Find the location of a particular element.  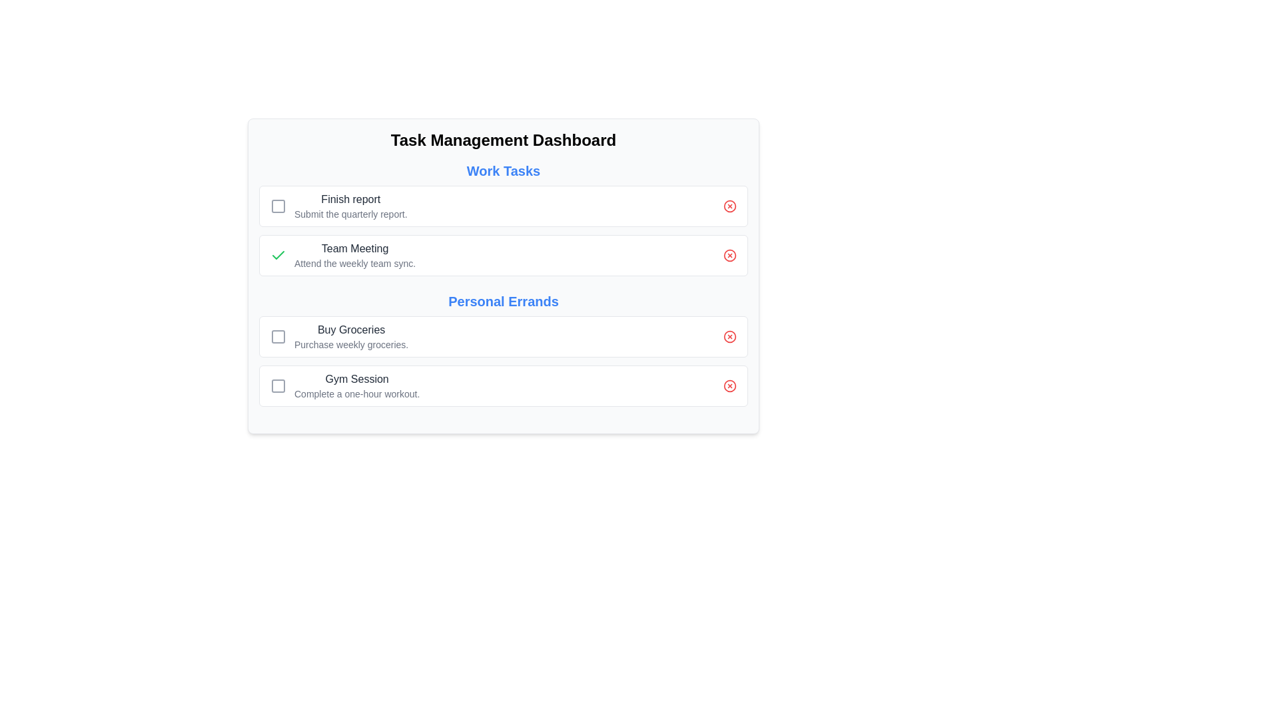

the text element reading 'Submit the quarterly report.' which is styled in a small gray font and positioned below the 'Finish report' title in the 'Work Tasks' section is located at coordinates (350, 213).